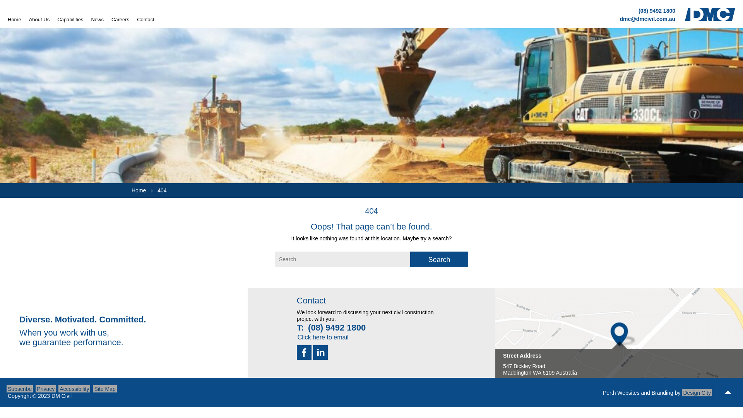 Image resolution: width=743 pixels, height=418 pixels. I want to click on '(08) 9492 1800', so click(656, 10).